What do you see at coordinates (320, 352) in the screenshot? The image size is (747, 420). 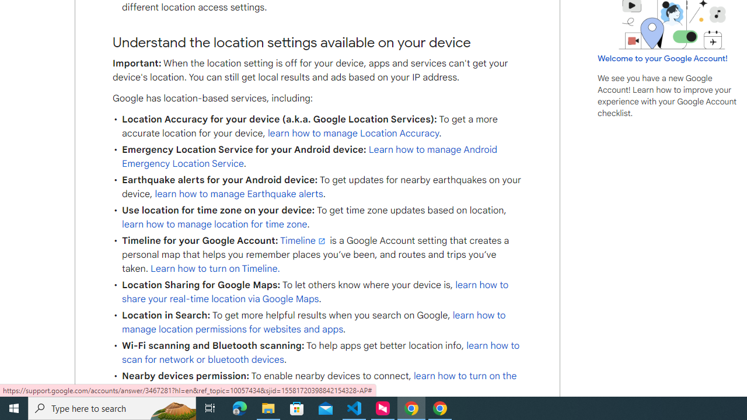 I see `'learn how to scan for network or bluetooth devices'` at bounding box center [320, 352].